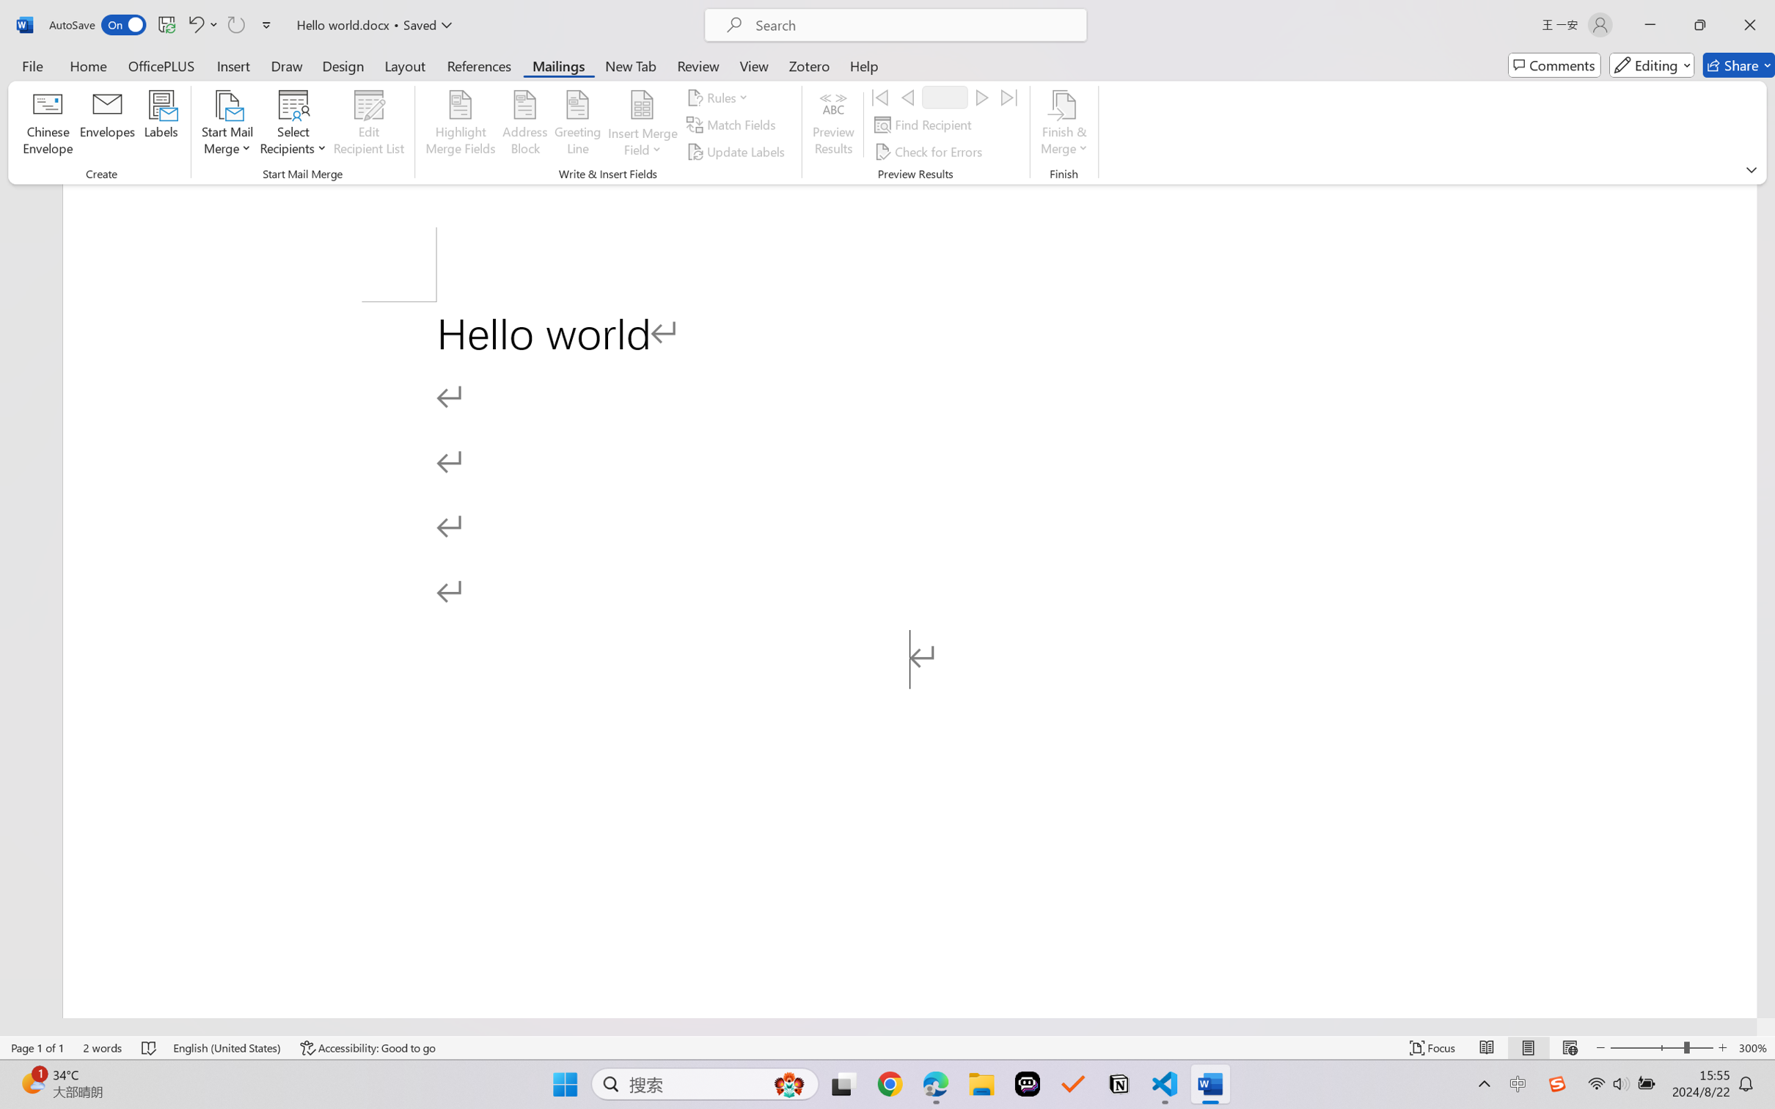 Image resolution: width=1775 pixels, height=1109 pixels. Describe the element at coordinates (808, 65) in the screenshot. I see `'Zotero'` at that location.